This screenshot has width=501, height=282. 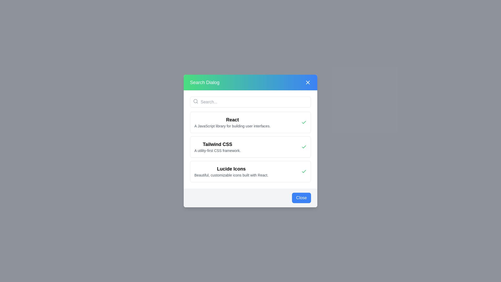 What do you see at coordinates (231, 175) in the screenshot?
I see `the text located directly below the 'Lucide Icons' heading in the middle of the dialog box` at bounding box center [231, 175].